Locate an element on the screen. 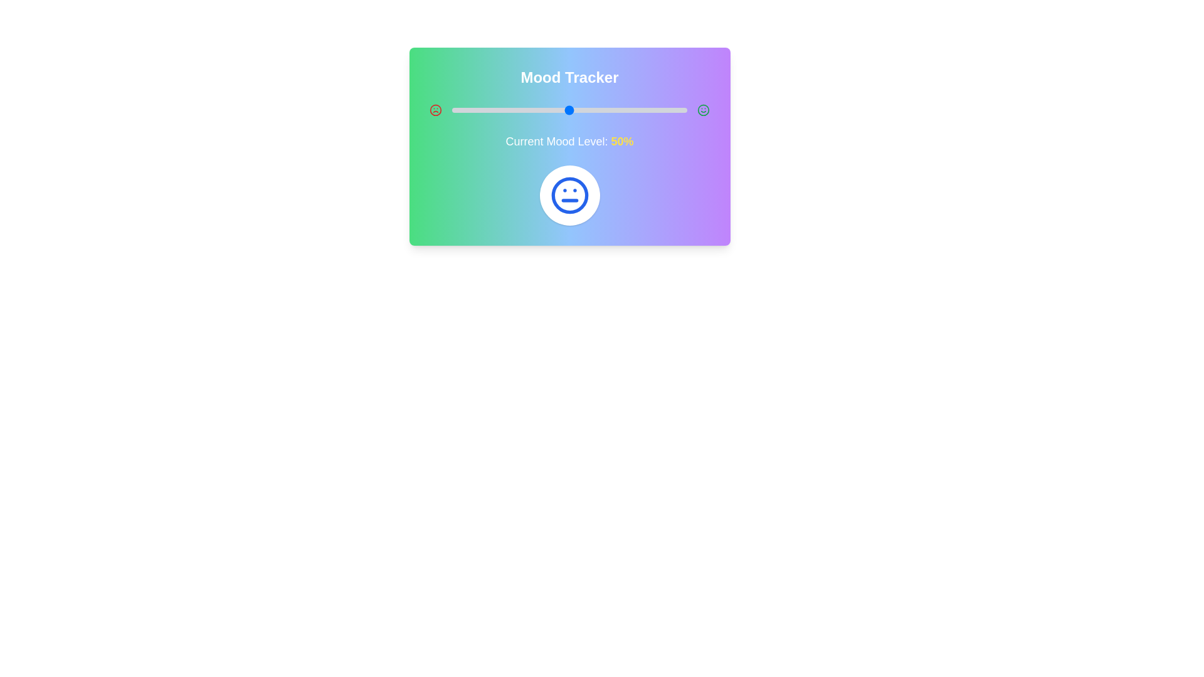 This screenshot has height=677, width=1204. the mood level to 7% by dragging the slider is located at coordinates (467, 110).